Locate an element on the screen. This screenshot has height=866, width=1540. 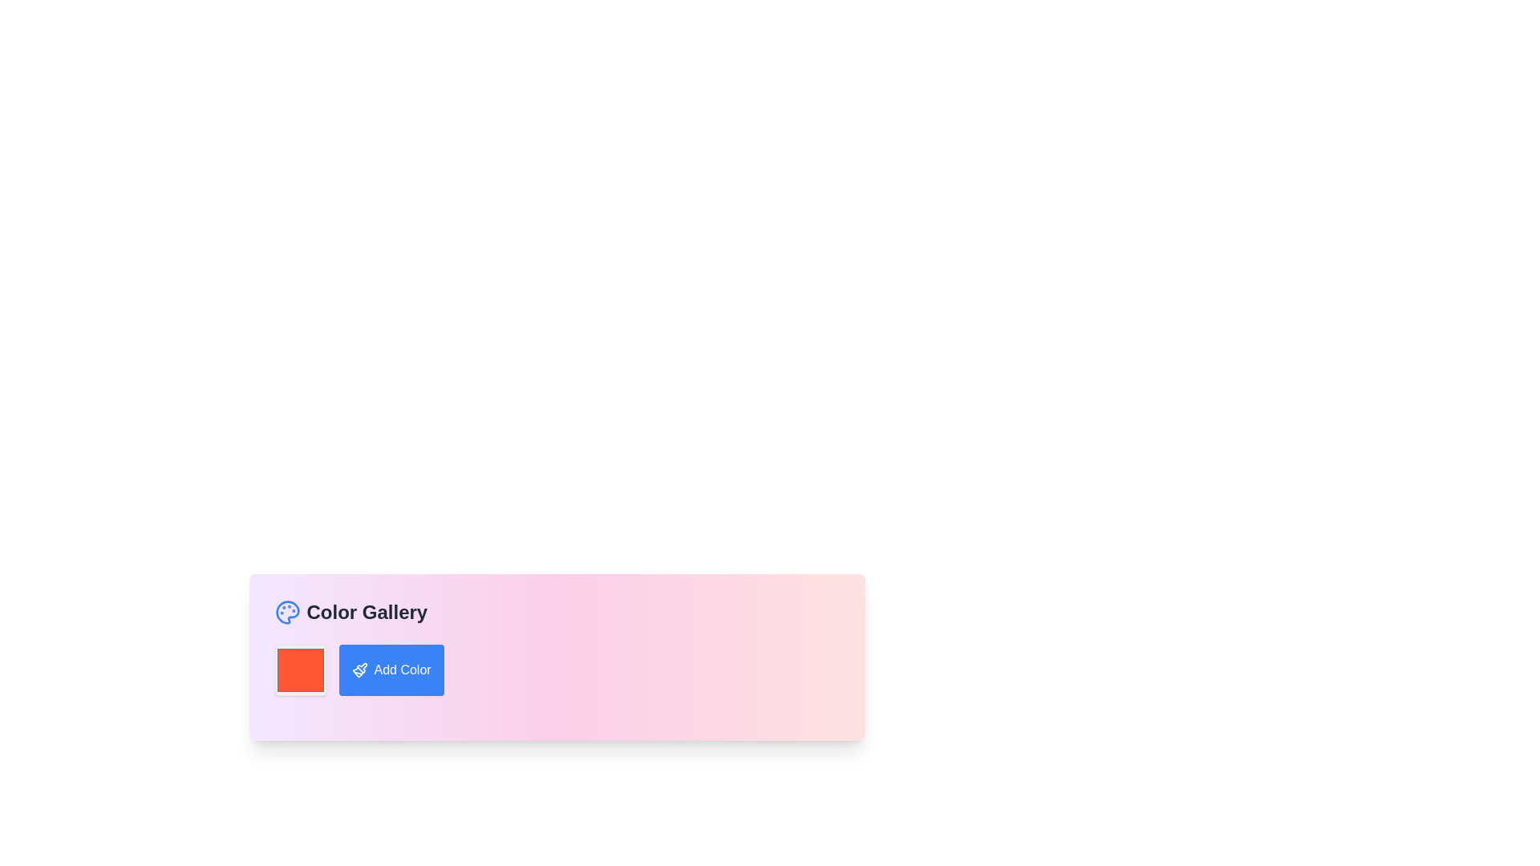
the blue button labeled 'Add Color' that contains the icon for adding color, located towards the center-right inside the 'Color Gallery' section is located at coordinates (359, 670).